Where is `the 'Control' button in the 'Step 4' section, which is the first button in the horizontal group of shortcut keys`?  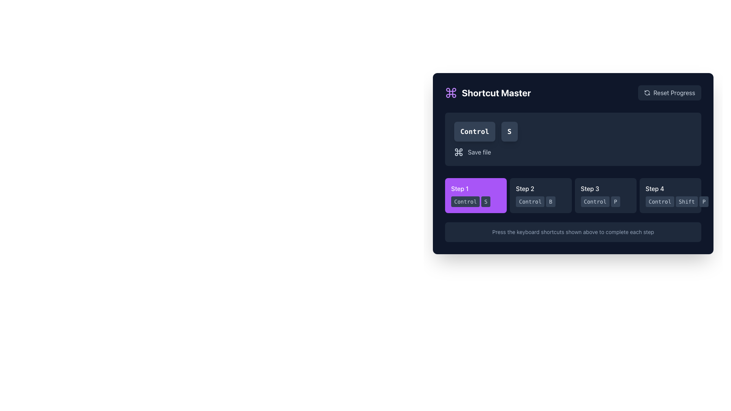
the 'Control' button in the 'Step 4' section, which is the first button in the horizontal group of shortcut keys is located at coordinates (659, 201).